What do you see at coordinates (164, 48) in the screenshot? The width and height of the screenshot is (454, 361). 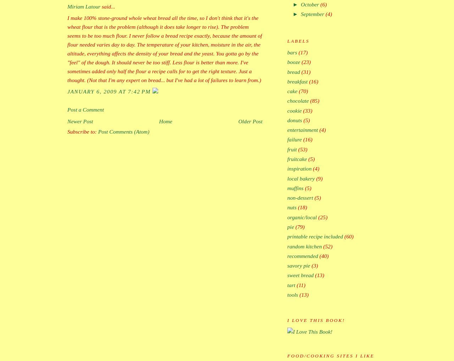 I see `'I make 100% stone-ground whole wheat bread all the time, so I don't think that it's the wheat flour that is the problem (although it does take longer to rise).  The problem seems to be too much flour.  I never follow a bread recipe exactly, because the amount of flour needed varies day to day.  The temperature of your kitchen, moisture in the air, the altitude, everything affects the density of your bread and the yeast.  You gotta go by the "feel" of the dough.  It should never be too stiff.  Less flour is better than more.  I've sometimes added only half the flour a recipe calls for to get the right texture. Just a thought.  (Not that I'm any expert on bread... but I've had a lot of failures to learn from.)'` at bounding box center [164, 48].